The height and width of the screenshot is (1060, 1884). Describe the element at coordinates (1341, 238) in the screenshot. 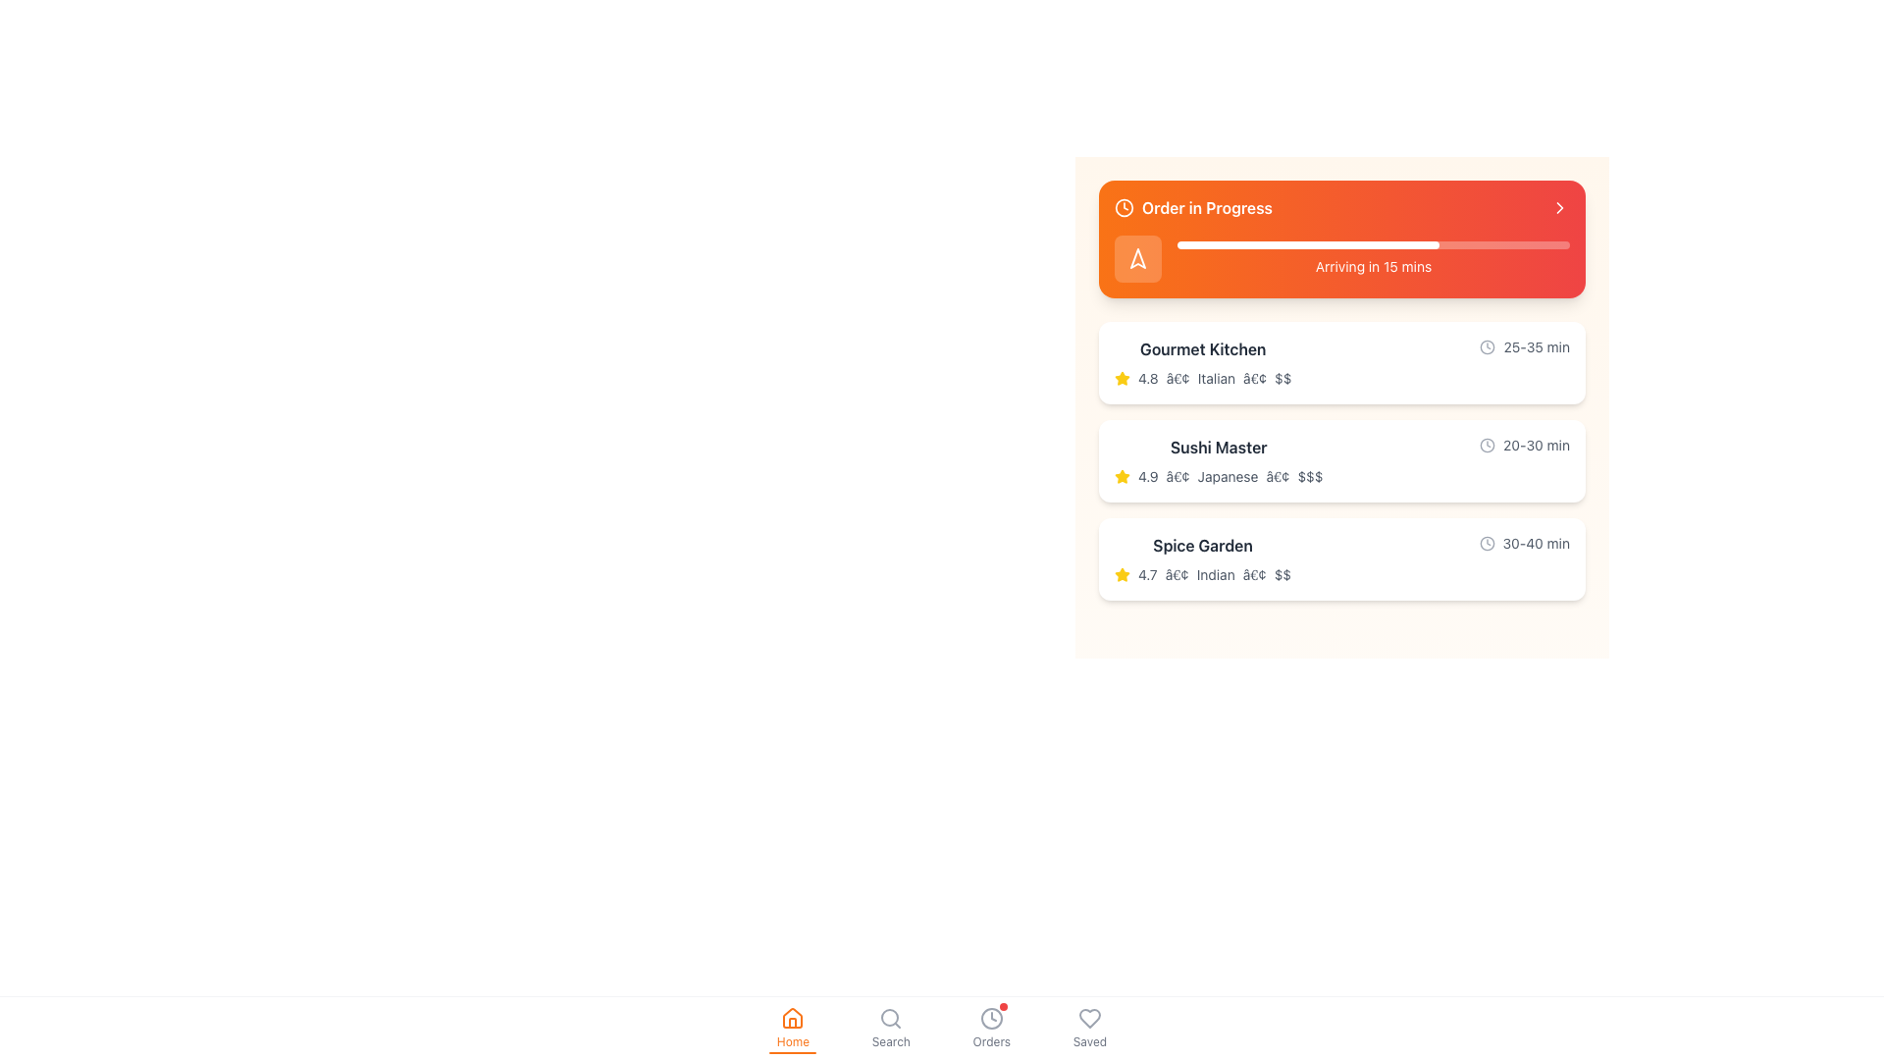

I see `the Informational card that displays 'Order in Progress' with a gradient background transitioning from orange to red, which is the first card in a vertical arrangement of restaurant details` at that location.